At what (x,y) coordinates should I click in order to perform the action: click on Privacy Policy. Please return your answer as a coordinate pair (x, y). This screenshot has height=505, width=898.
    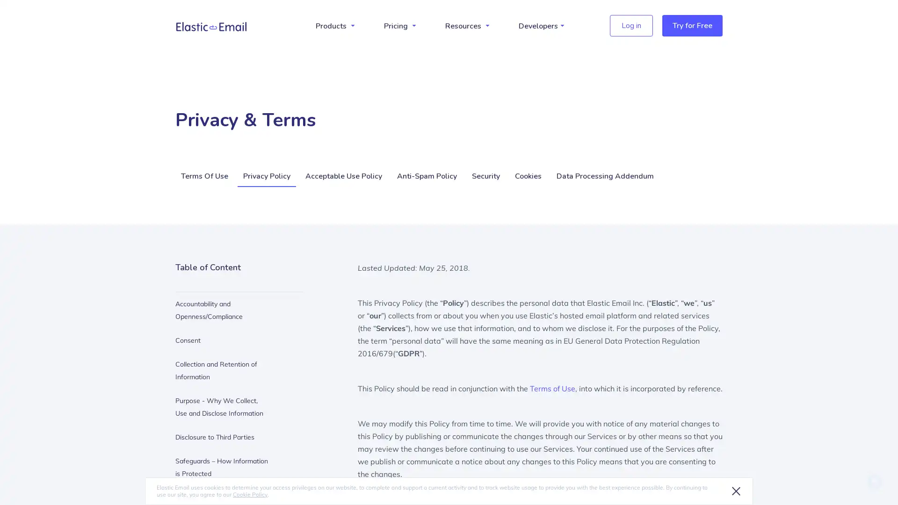
    Looking at the image, I should click on (266, 177).